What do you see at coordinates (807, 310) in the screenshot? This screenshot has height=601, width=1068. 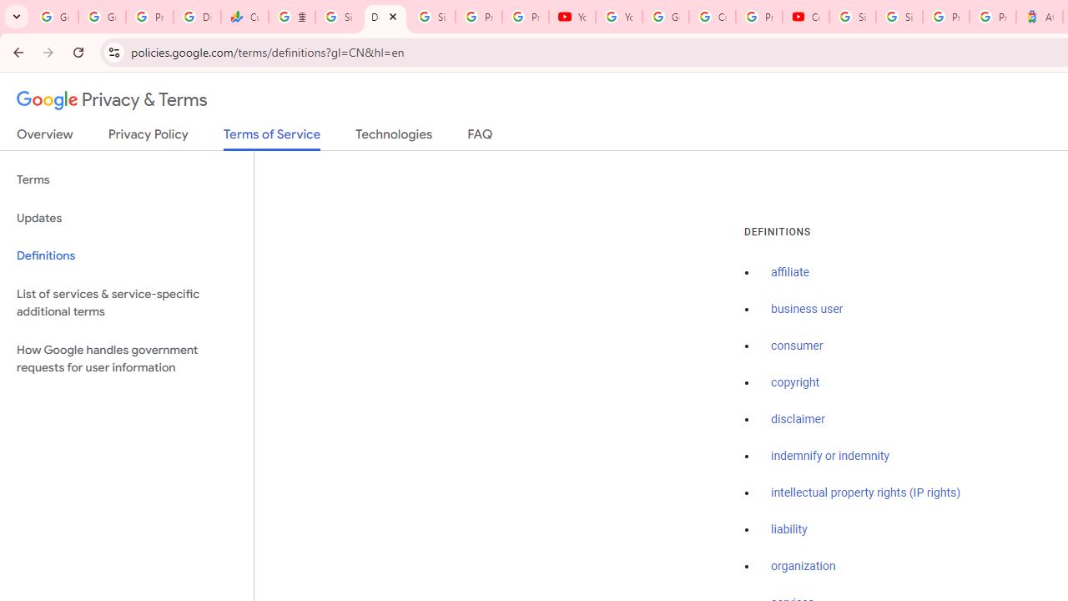 I see `'business user'` at bounding box center [807, 310].